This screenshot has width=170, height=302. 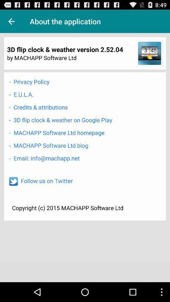 What do you see at coordinates (13, 181) in the screenshot?
I see `follow on twitter` at bounding box center [13, 181].